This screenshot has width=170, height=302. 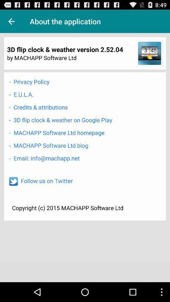 What do you see at coordinates (13, 181) in the screenshot?
I see `follow on twitter` at bounding box center [13, 181].